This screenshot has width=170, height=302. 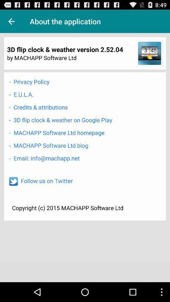 What do you see at coordinates (13, 181) in the screenshot?
I see `follow on twitter` at bounding box center [13, 181].